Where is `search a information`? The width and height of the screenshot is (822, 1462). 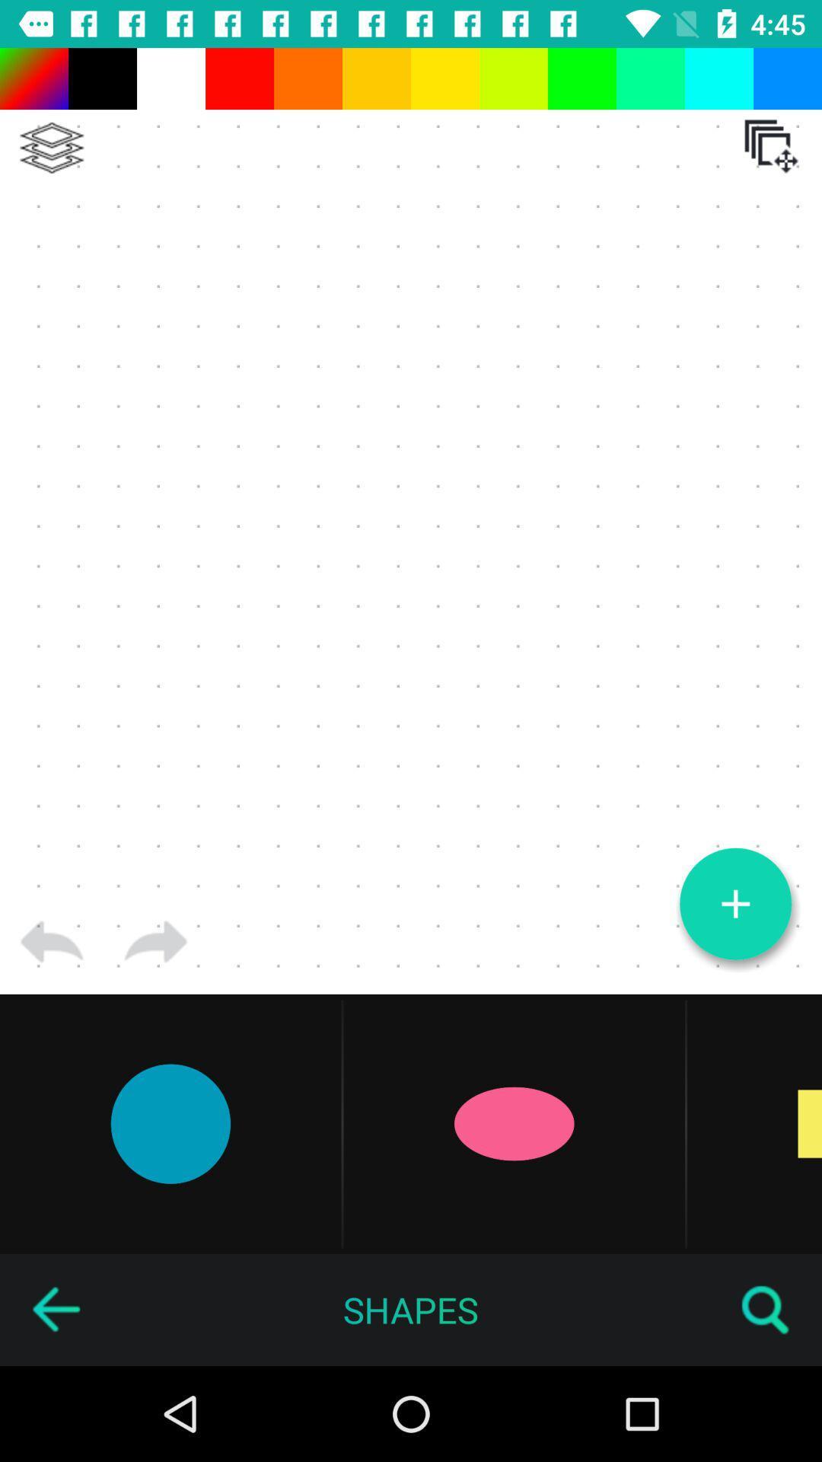 search a information is located at coordinates (766, 1309).